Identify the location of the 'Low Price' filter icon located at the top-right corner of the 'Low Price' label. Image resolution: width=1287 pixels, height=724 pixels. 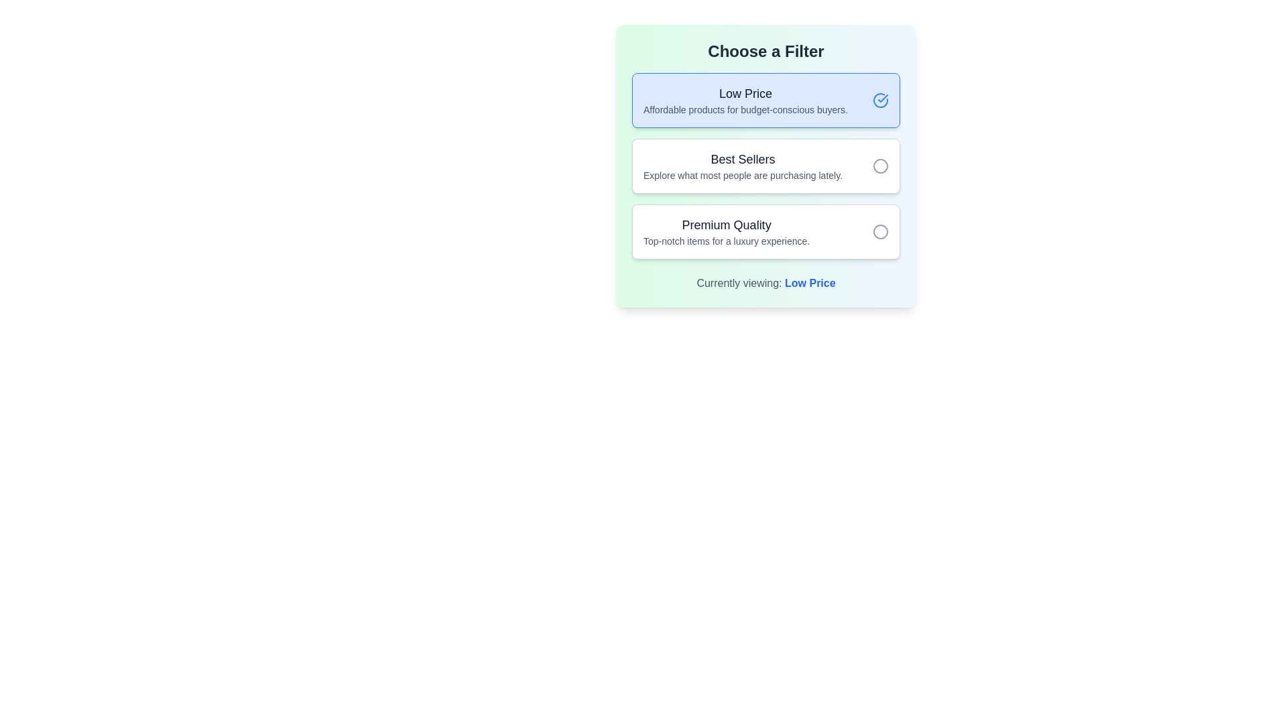
(883, 97).